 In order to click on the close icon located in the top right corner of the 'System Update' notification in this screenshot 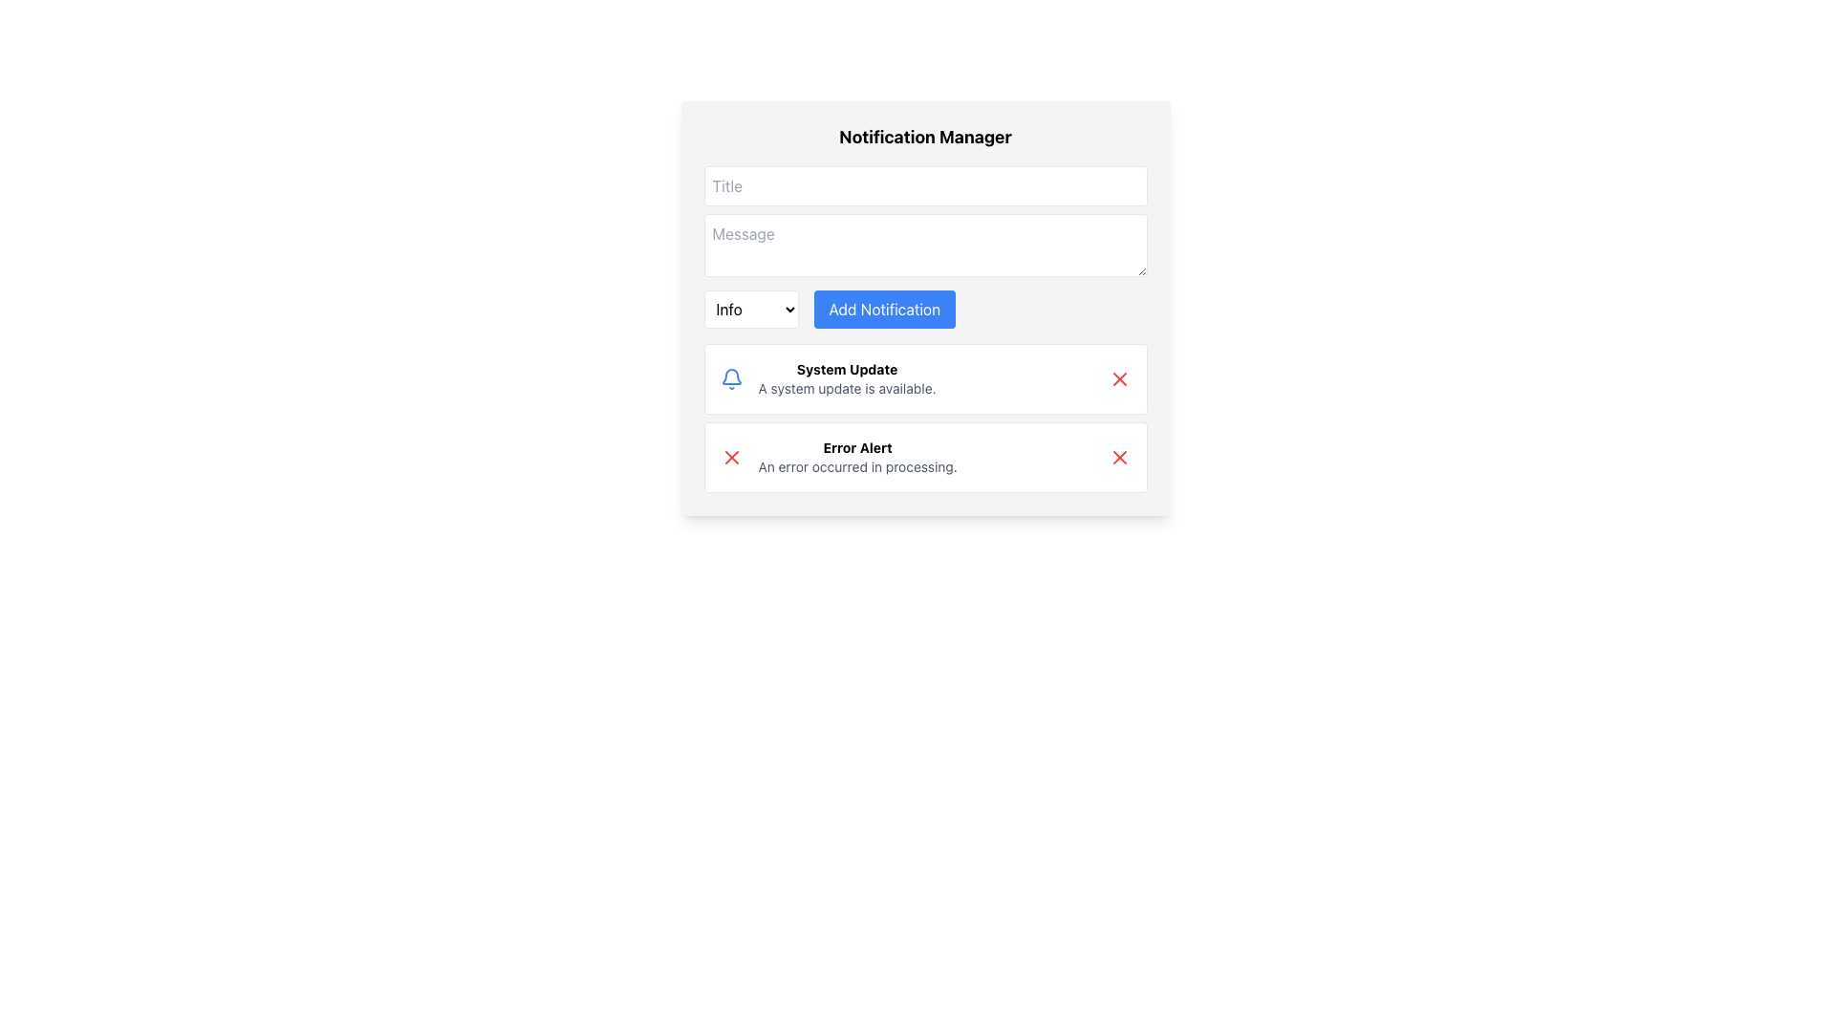, I will do `click(1119, 379)`.